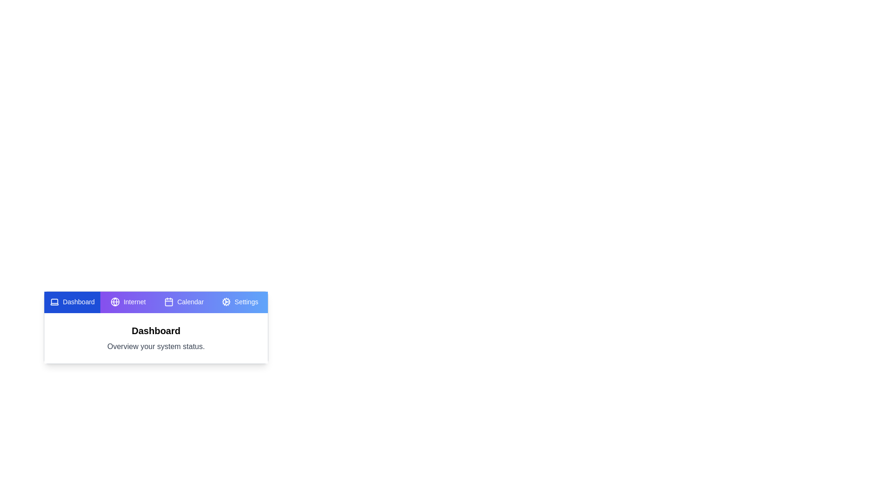 This screenshot has height=504, width=896. Describe the element at coordinates (184, 302) in the screenshot. I see `the tab labeled Calendar to view its content` at that location.